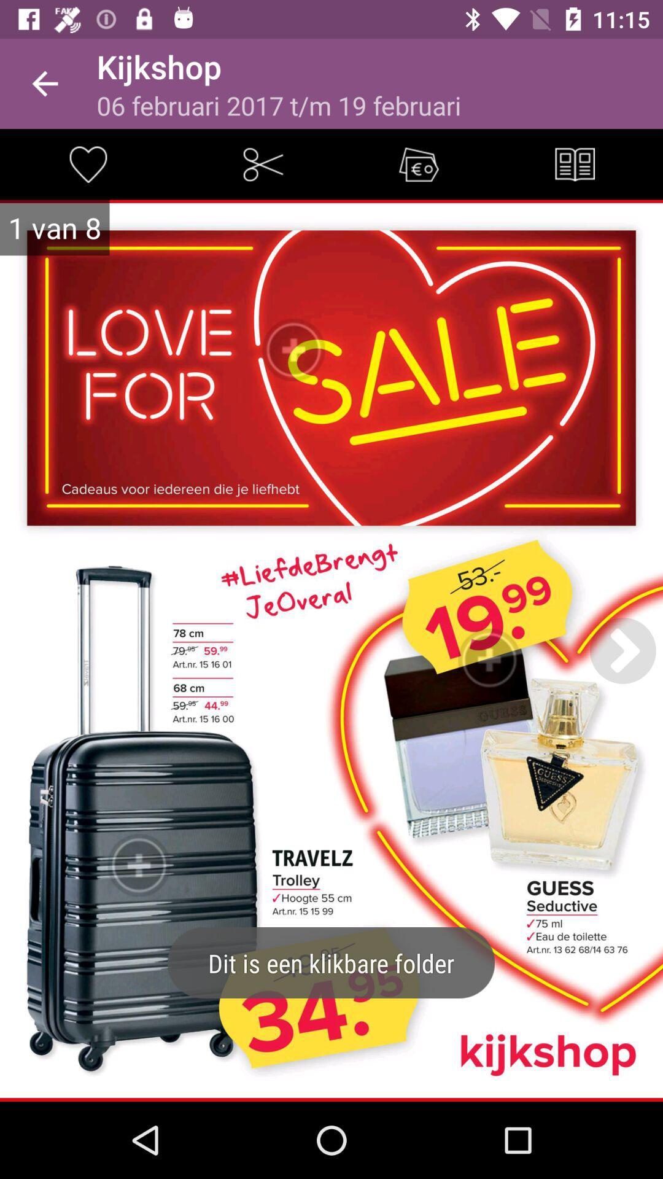  I want to click on check the overall menu, so click(575, 163).